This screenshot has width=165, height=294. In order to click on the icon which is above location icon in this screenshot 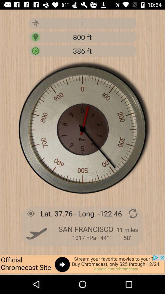, I will do `click(35, 23)`.